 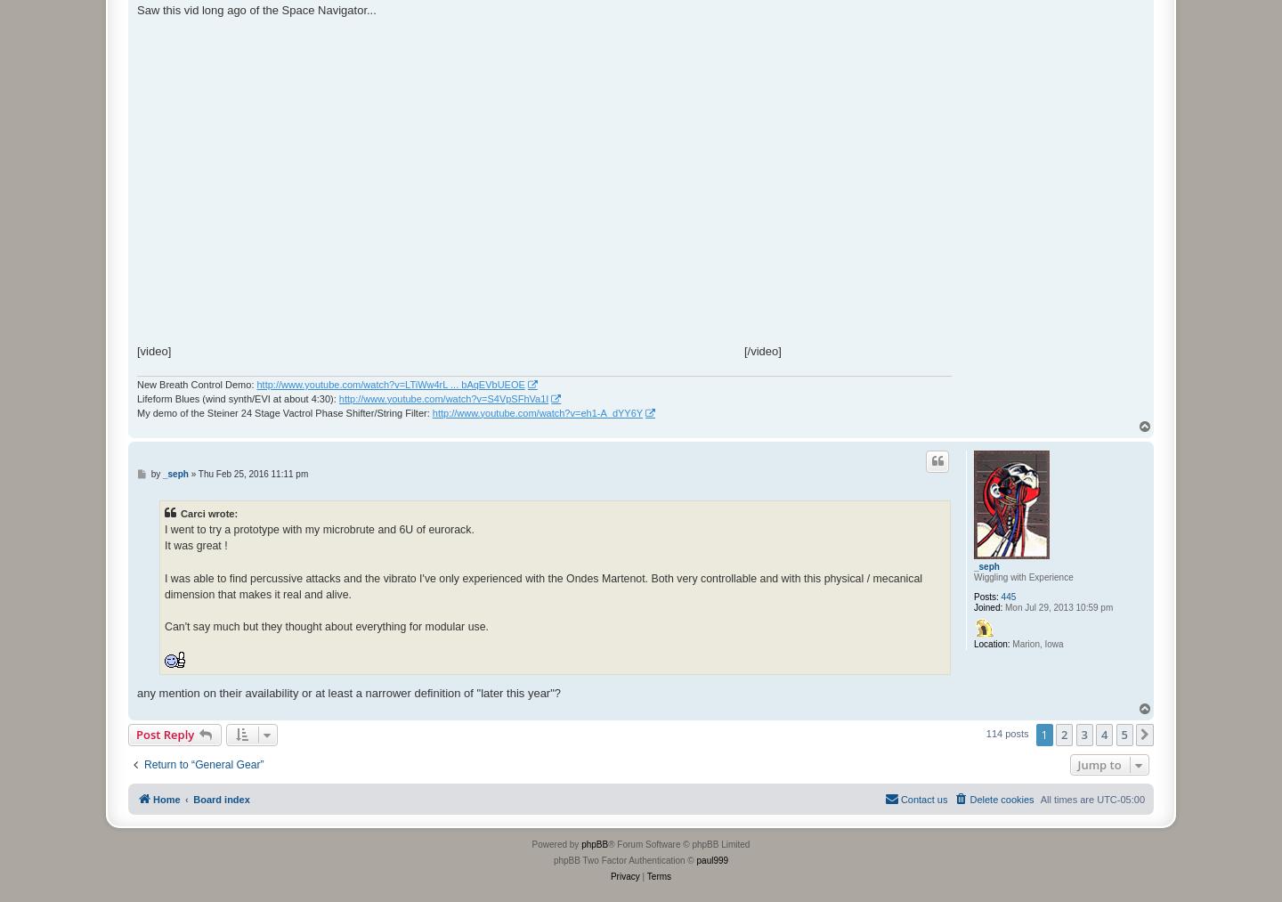 I want to click on '3', so click(x=1080, y=733).